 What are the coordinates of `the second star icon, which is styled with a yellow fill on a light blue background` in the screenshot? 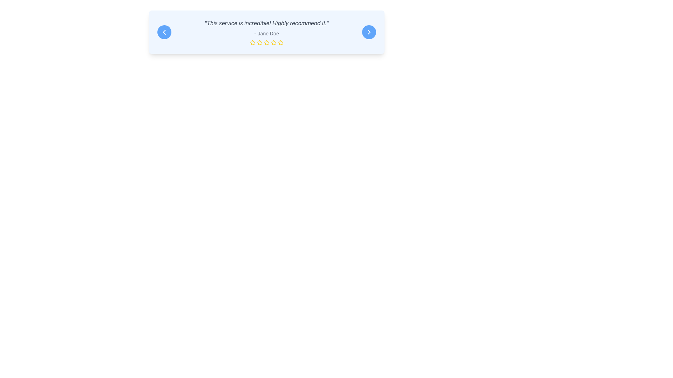 It's located at (259, 42).